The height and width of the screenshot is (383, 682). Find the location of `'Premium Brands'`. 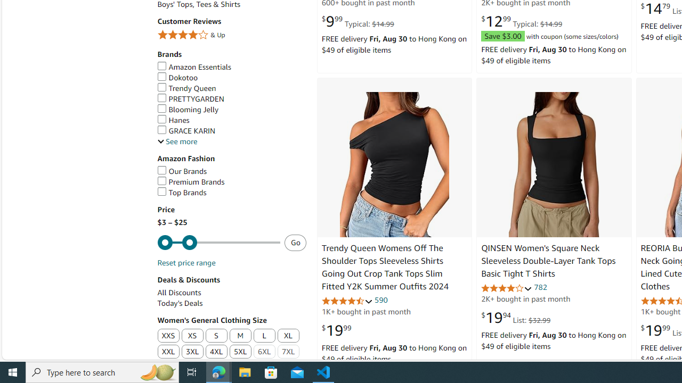

'Premium Brands' is located at coordinates (191, 181).